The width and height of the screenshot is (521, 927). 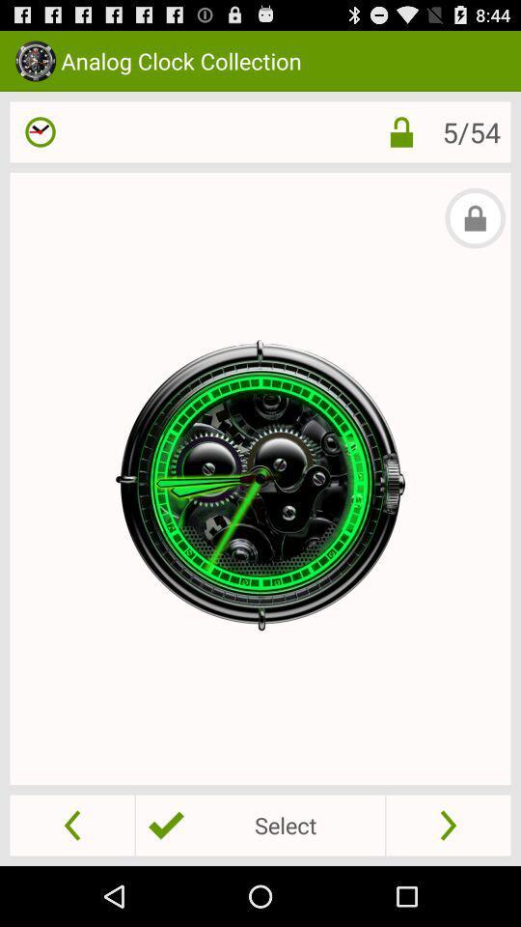 I want to click on the lock icon, so click(x=400, y=140).